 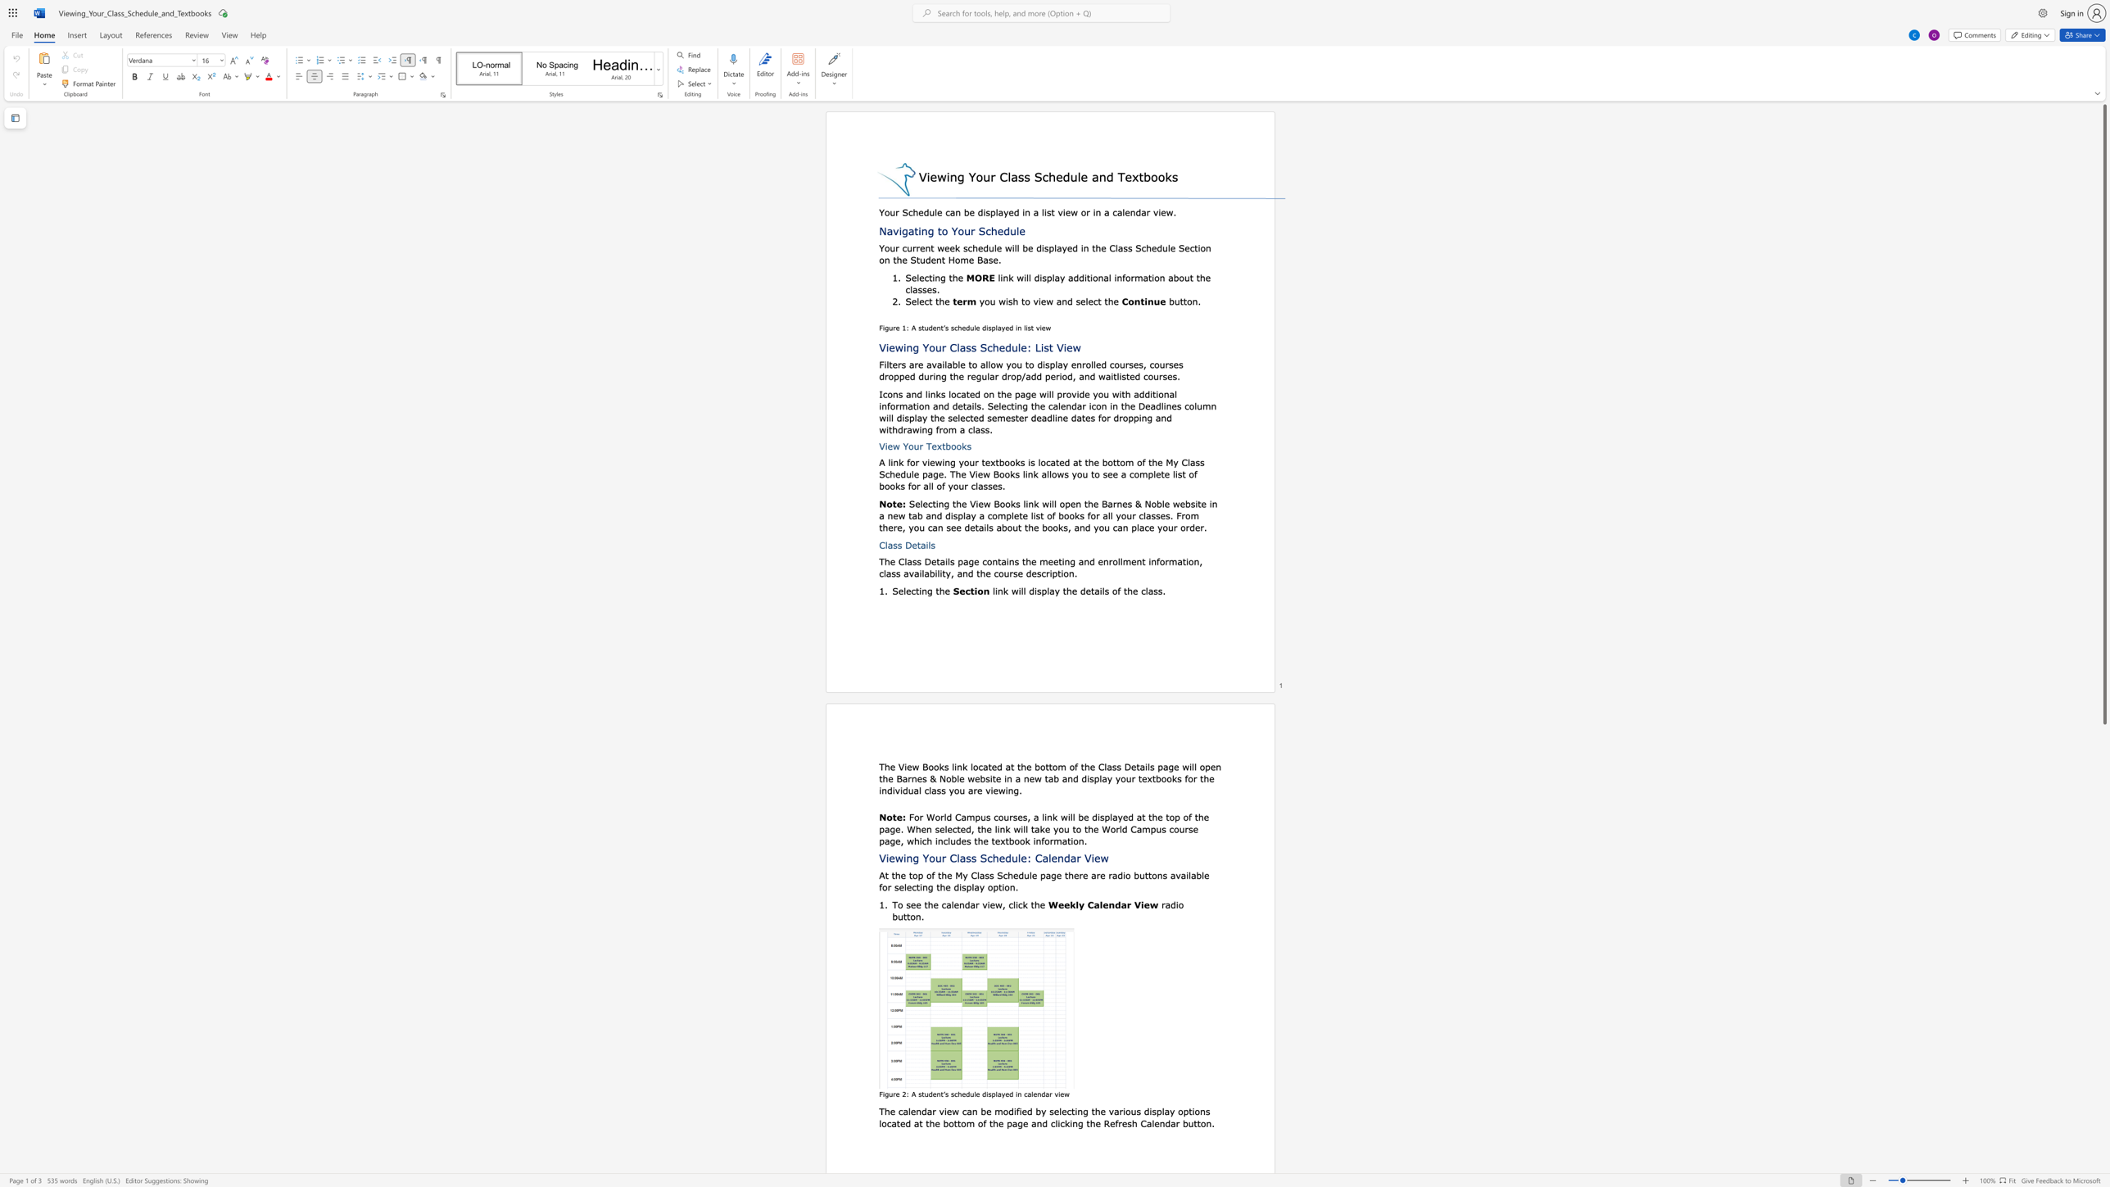 I want to click on the scrollbar to adjust the page downward, so click(x=2103, y=966).